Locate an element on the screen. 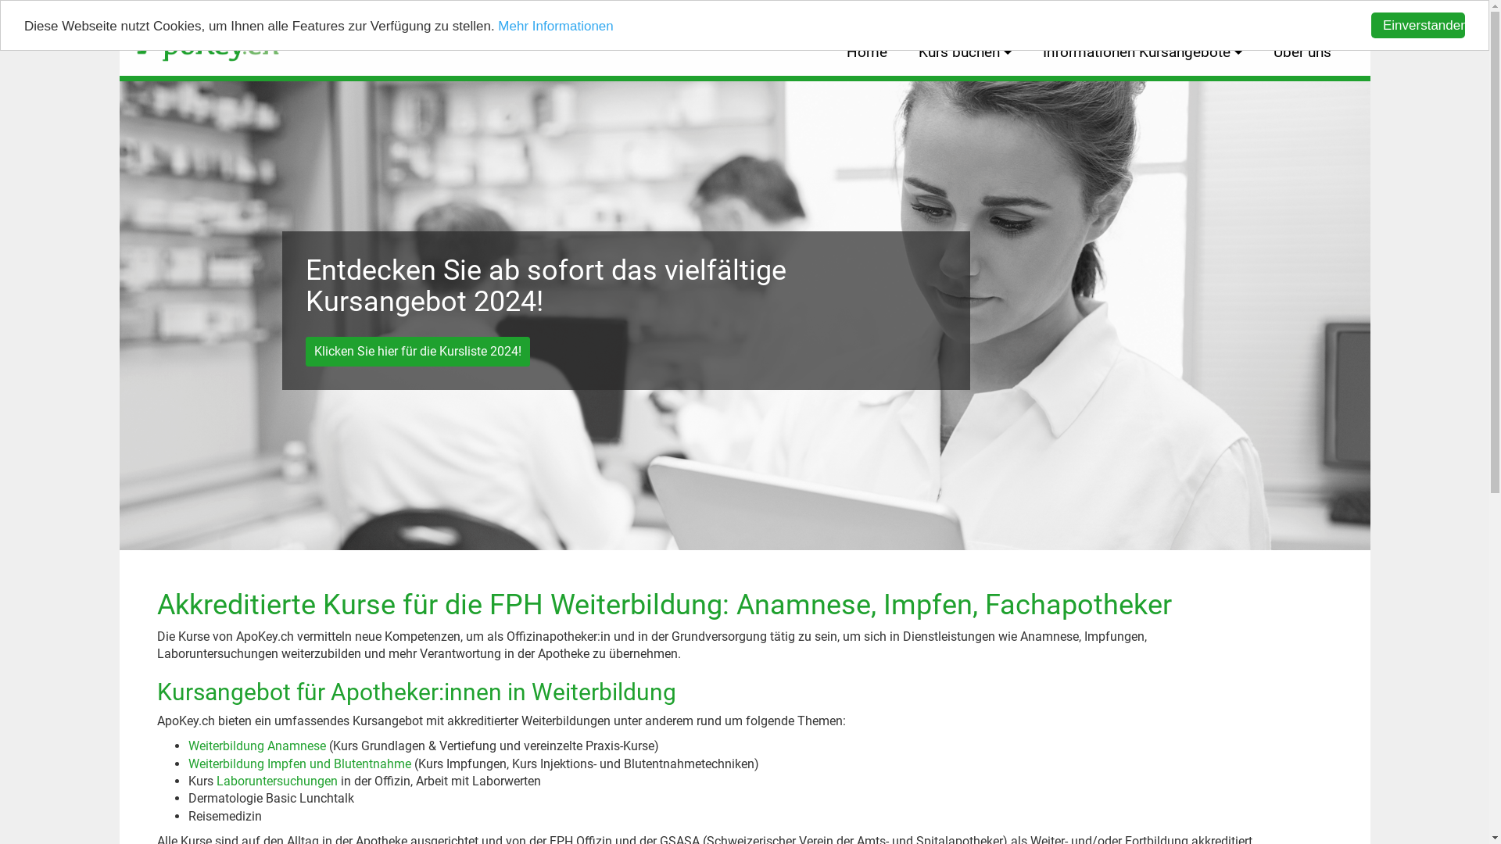 The width and height of the screenshot is (1501, 844). 'Weiterbildung Anamnese' is located at coordinates (256, 745).